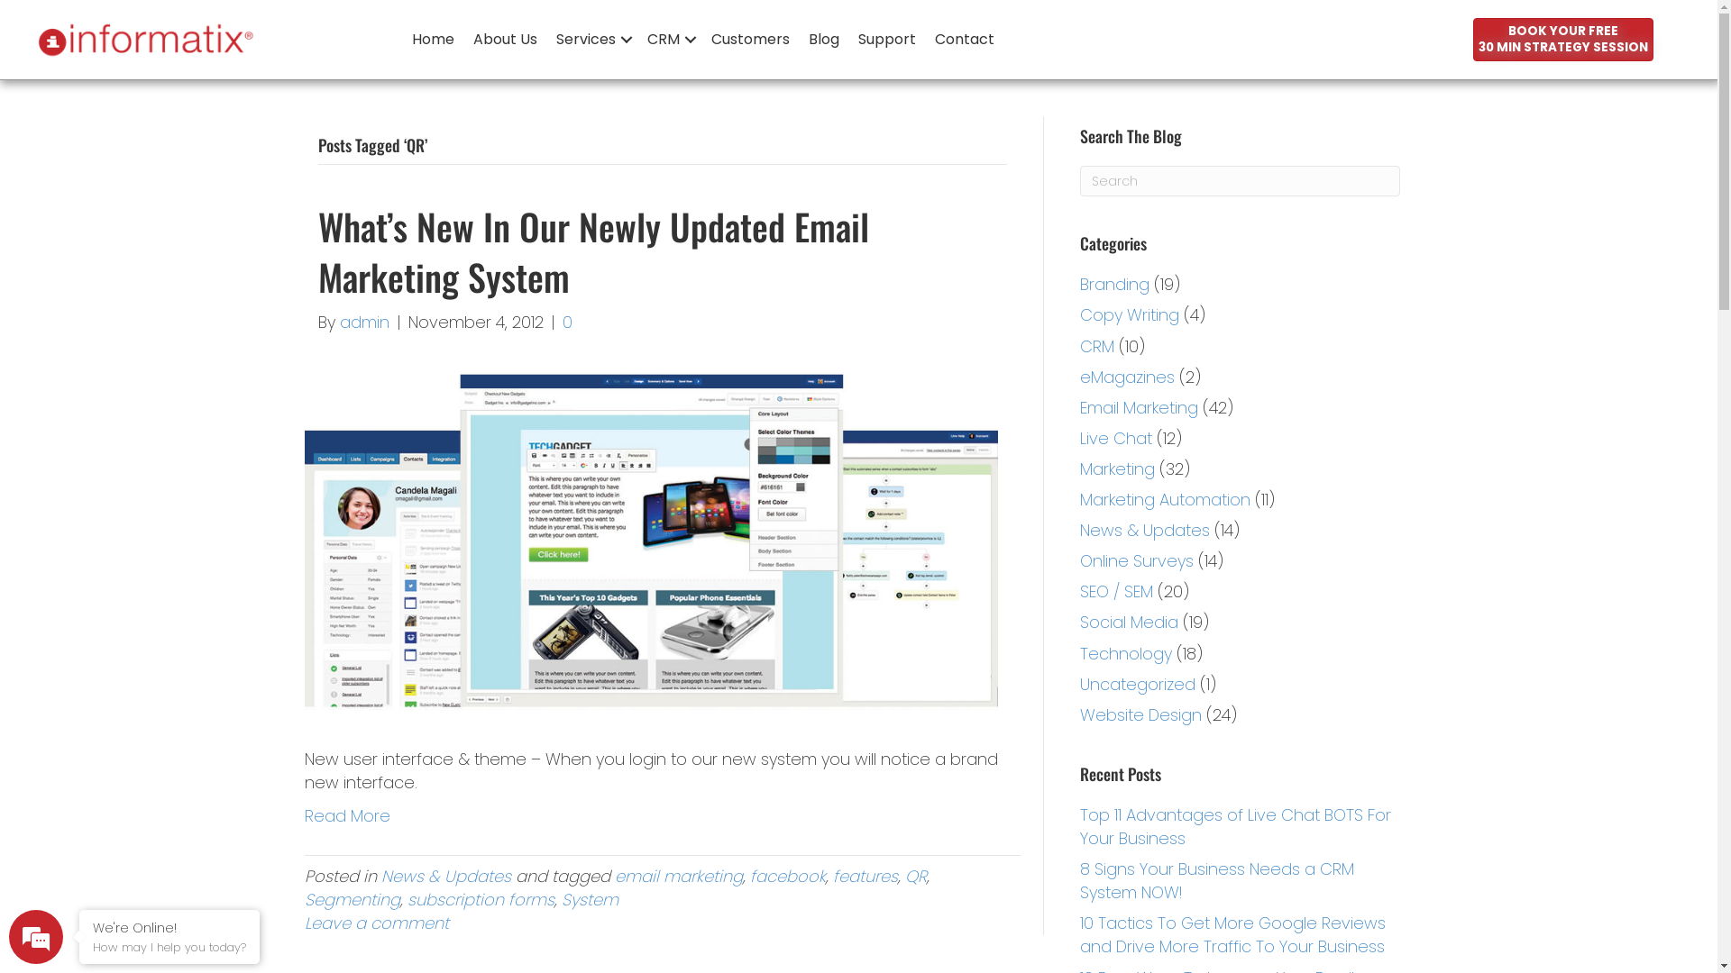 The width and height of the screenshot is (1731, 973). I want to click on '8 Signs Your Business Needs a CRM System NOW!', so click(1216, 879).